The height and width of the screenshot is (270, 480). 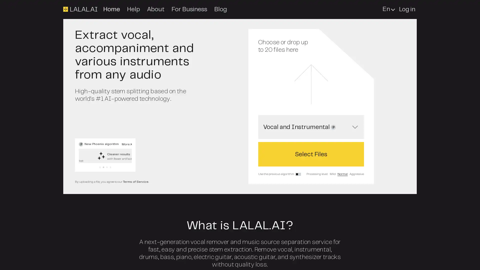 I want to click on Open Intercom Messenger, so click(x=467, y=257).